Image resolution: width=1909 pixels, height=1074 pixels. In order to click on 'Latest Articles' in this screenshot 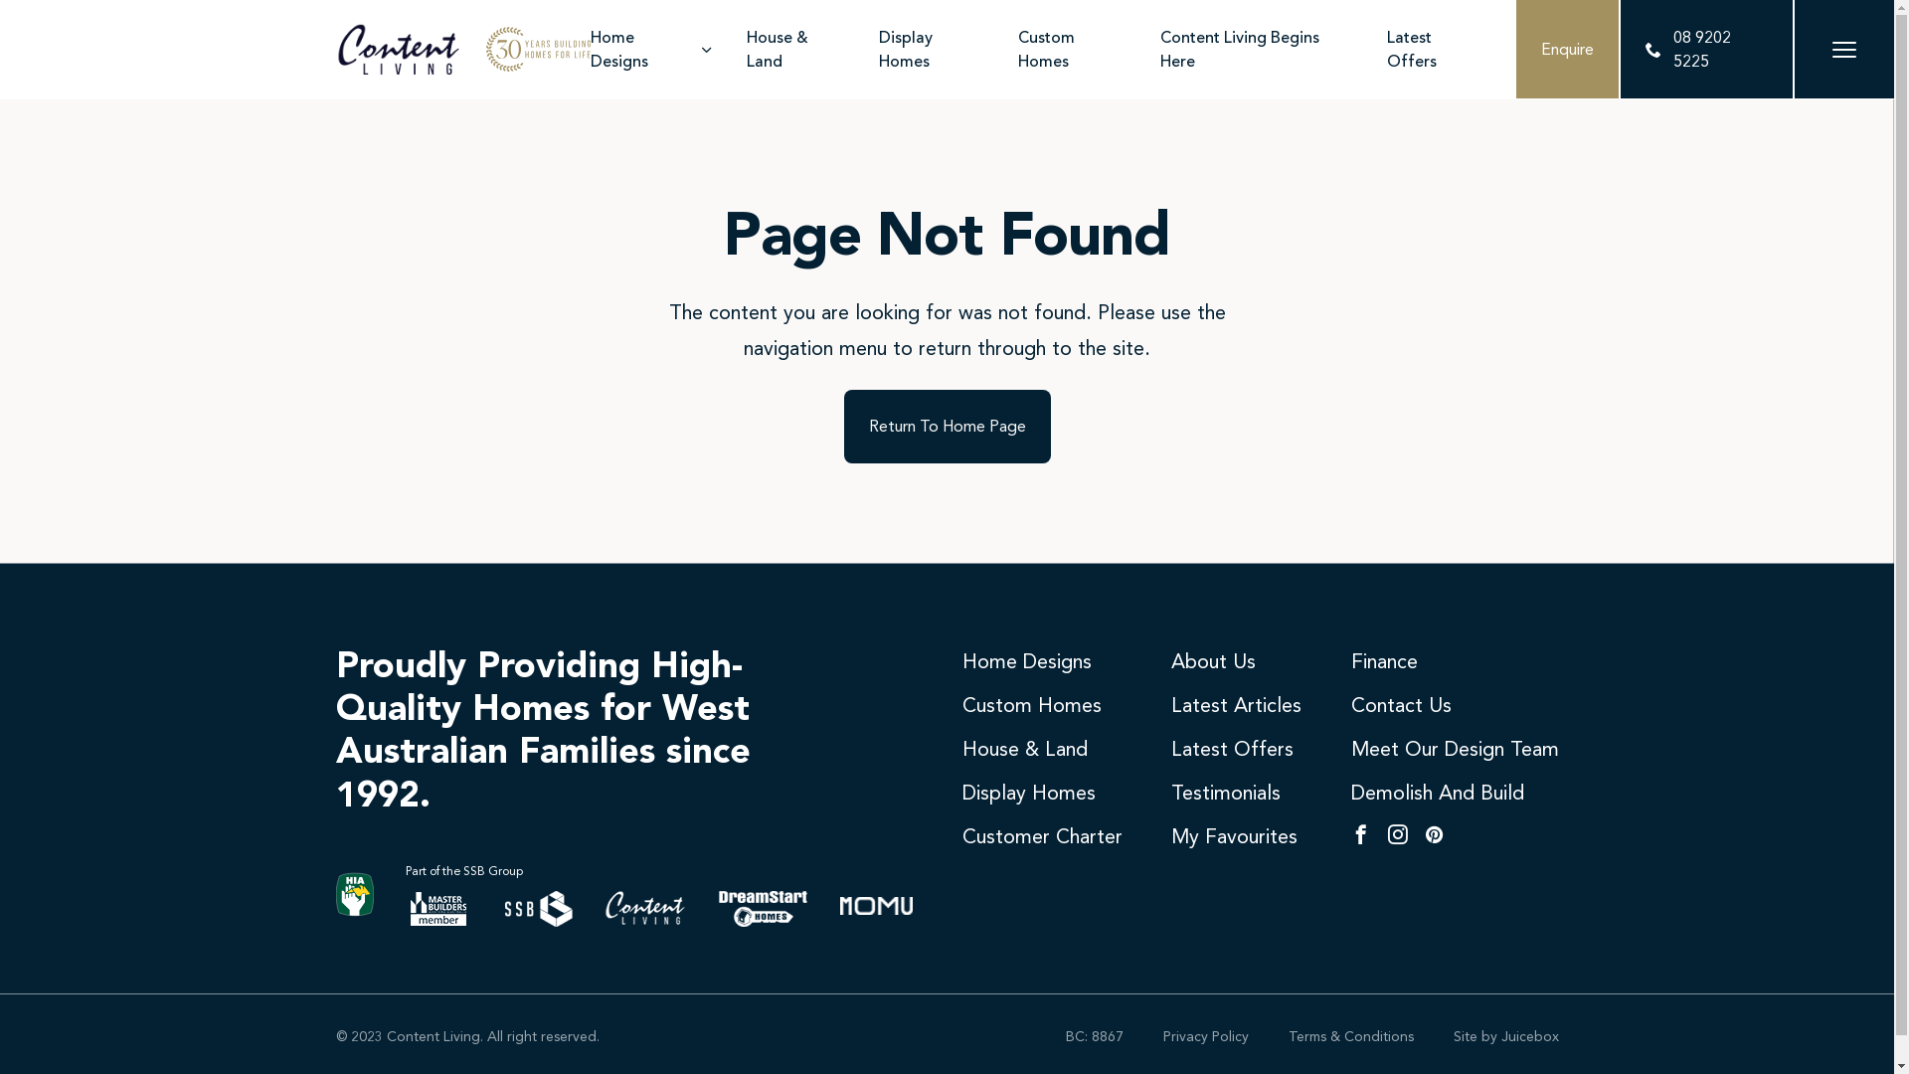, I will do `click(1235, 704)`.